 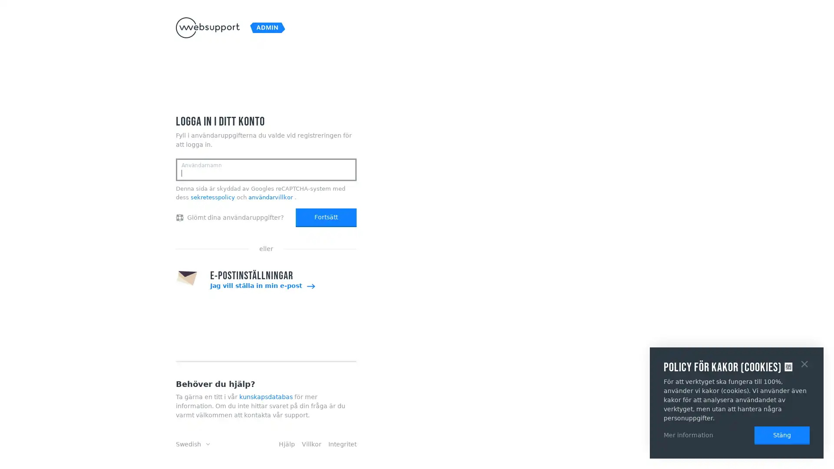 I want to click on Fortsatt, so click(x=325, y=217).